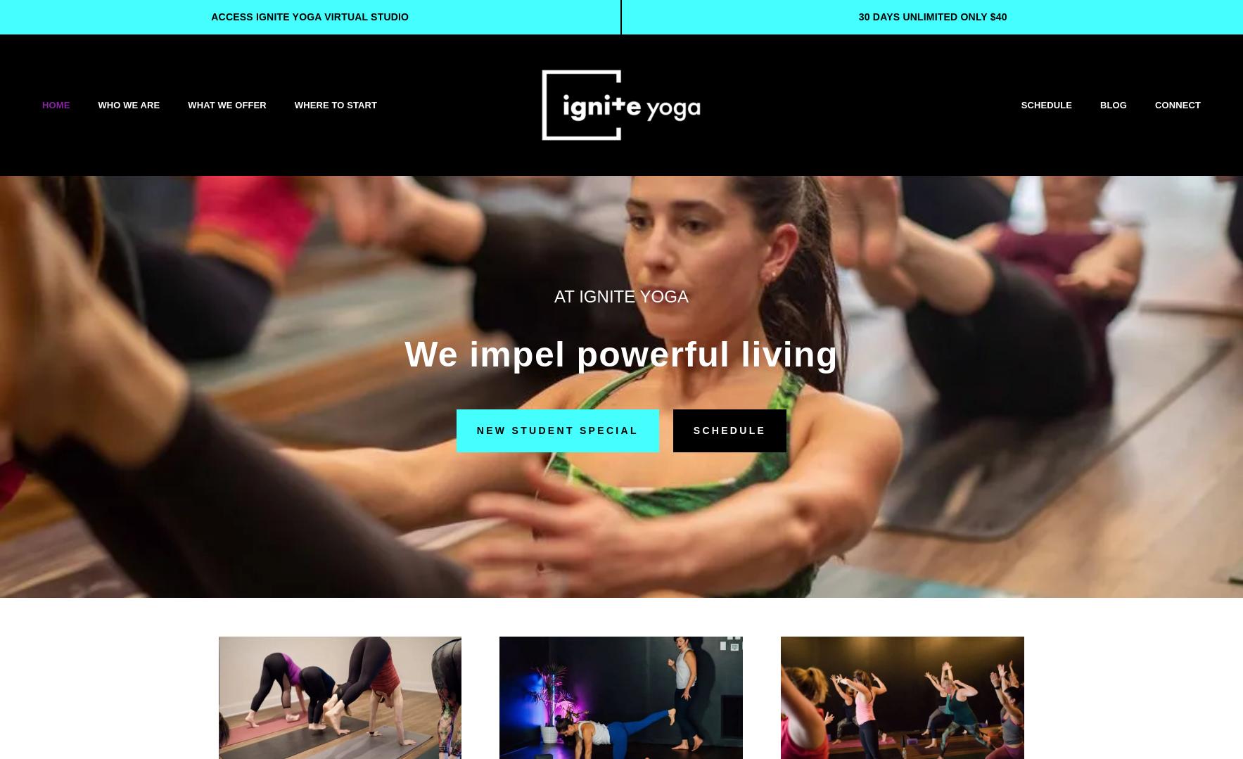 The height and width of the screenshot is (759, 1243). I want to click on 'Where to Start', so click(294, 103).